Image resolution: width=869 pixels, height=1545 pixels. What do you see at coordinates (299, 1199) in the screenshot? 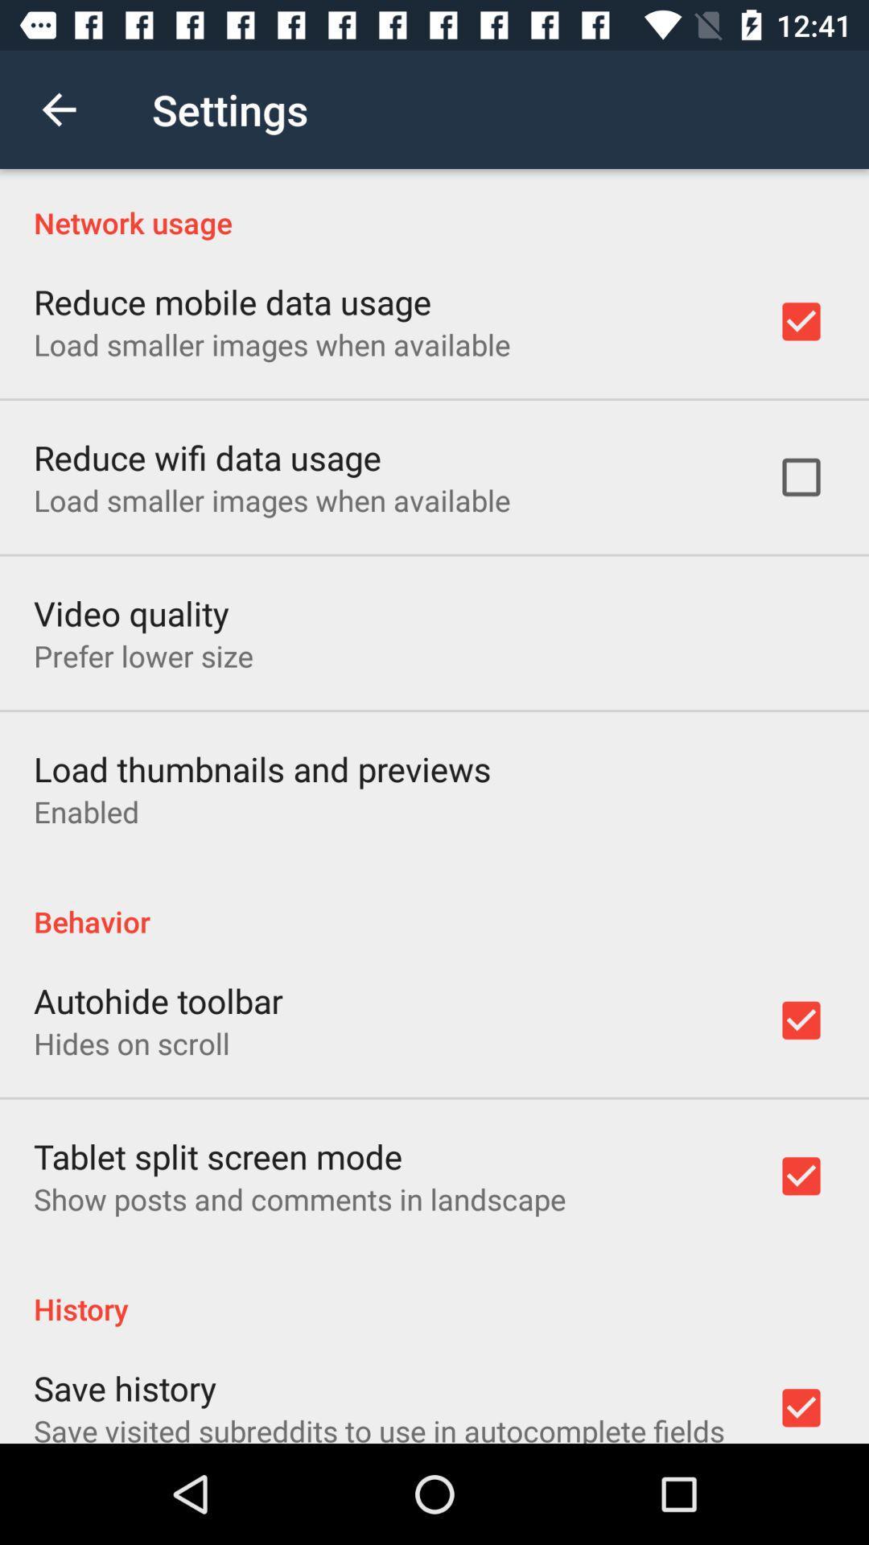
I see `the show posts and icon` at bounding box center [299, 1199].